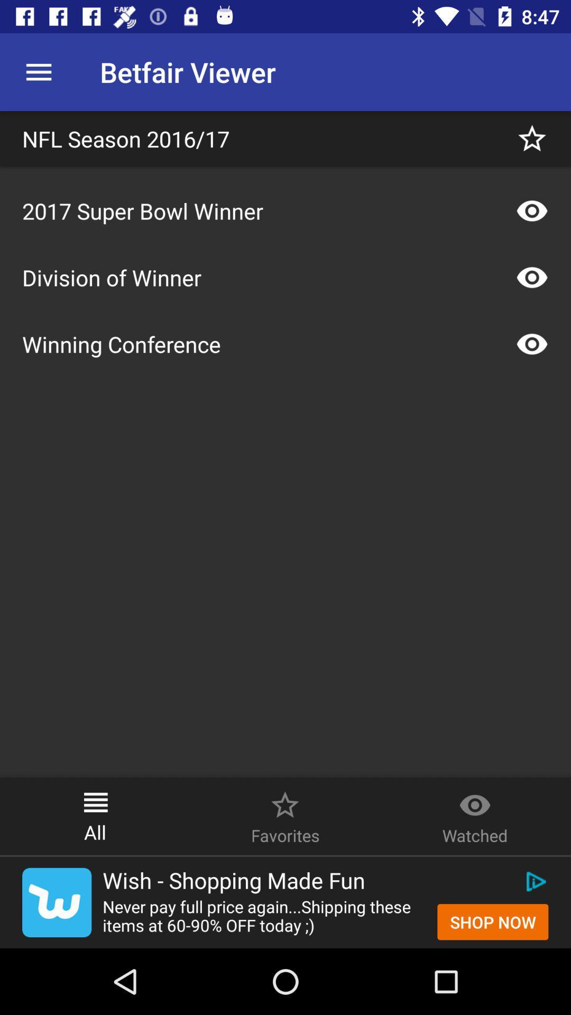 The height and width of the screenshot is (1015, 571). Describe the element at coordinates (38, 71) in the screenshot. I see `item to the left of the betfair viewer item` at that location.